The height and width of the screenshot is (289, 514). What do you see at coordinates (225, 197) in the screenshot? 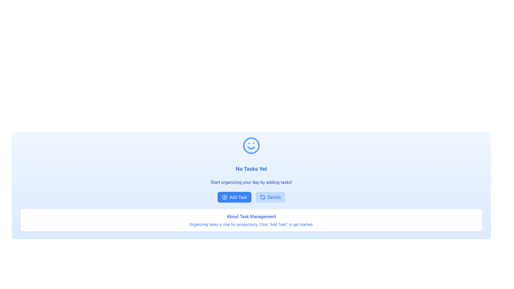
I see `the outer circular part of the plus icon within the 'Add Task' button located at the center bottom area of the main content section` at bounding box center [225, 197].